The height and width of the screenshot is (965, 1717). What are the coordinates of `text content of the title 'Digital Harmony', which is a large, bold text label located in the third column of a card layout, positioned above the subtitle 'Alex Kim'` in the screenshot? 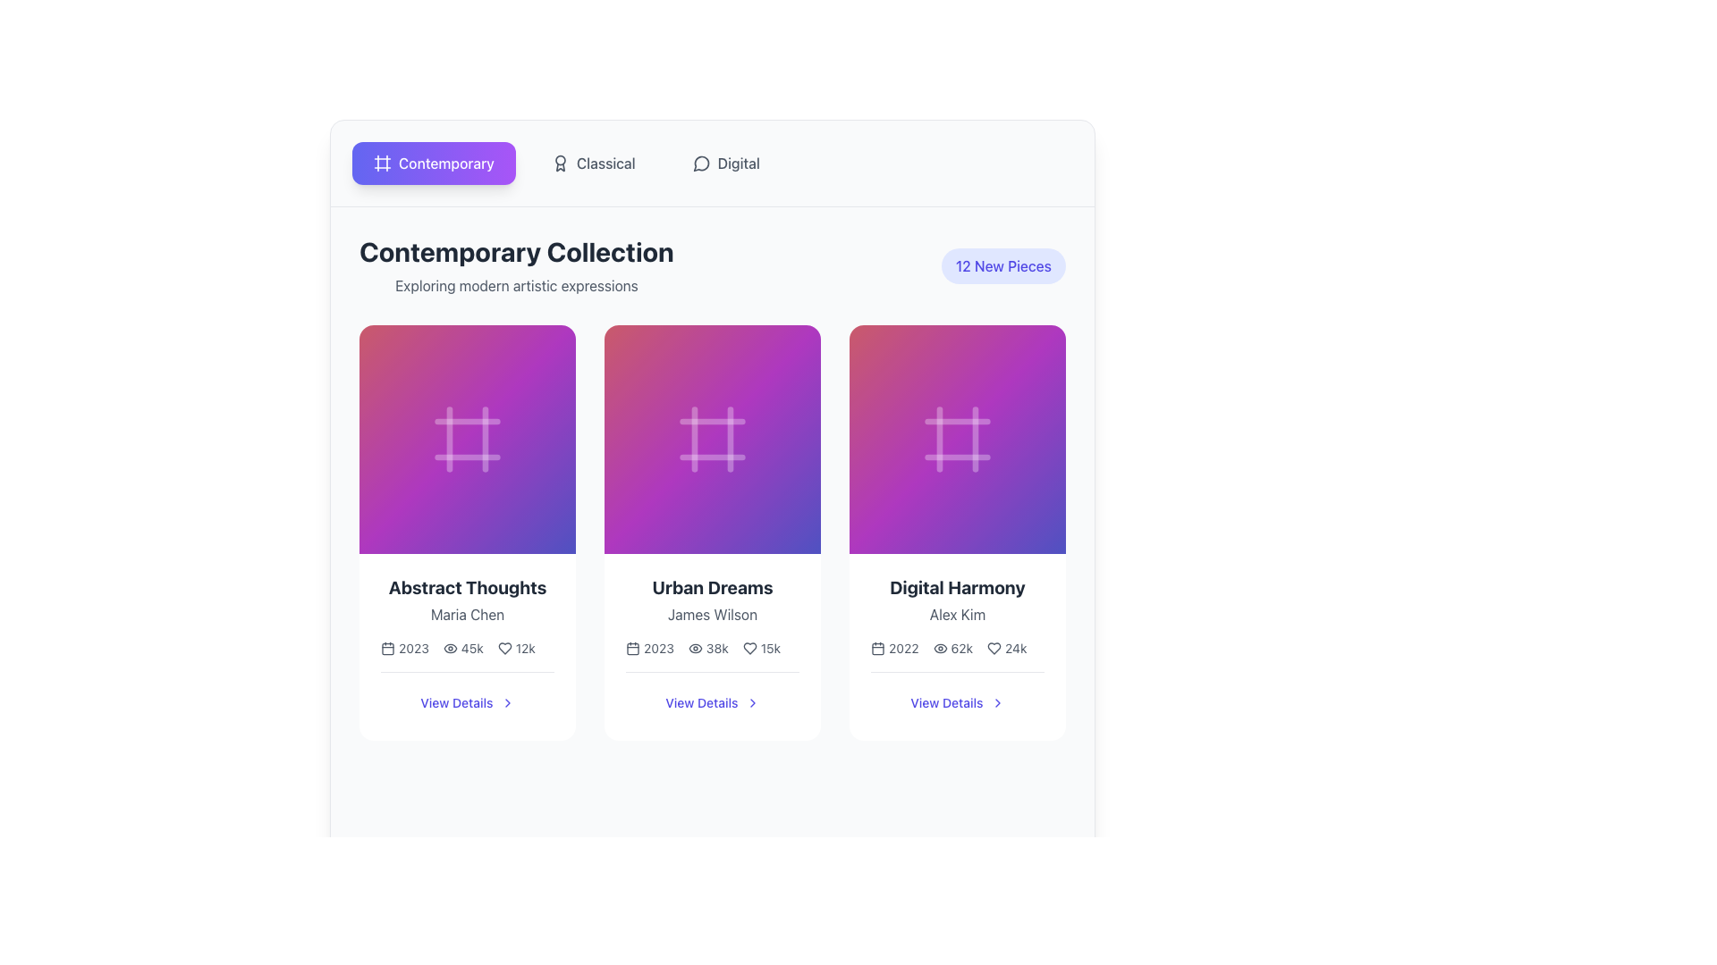 It's located at (956, 588).